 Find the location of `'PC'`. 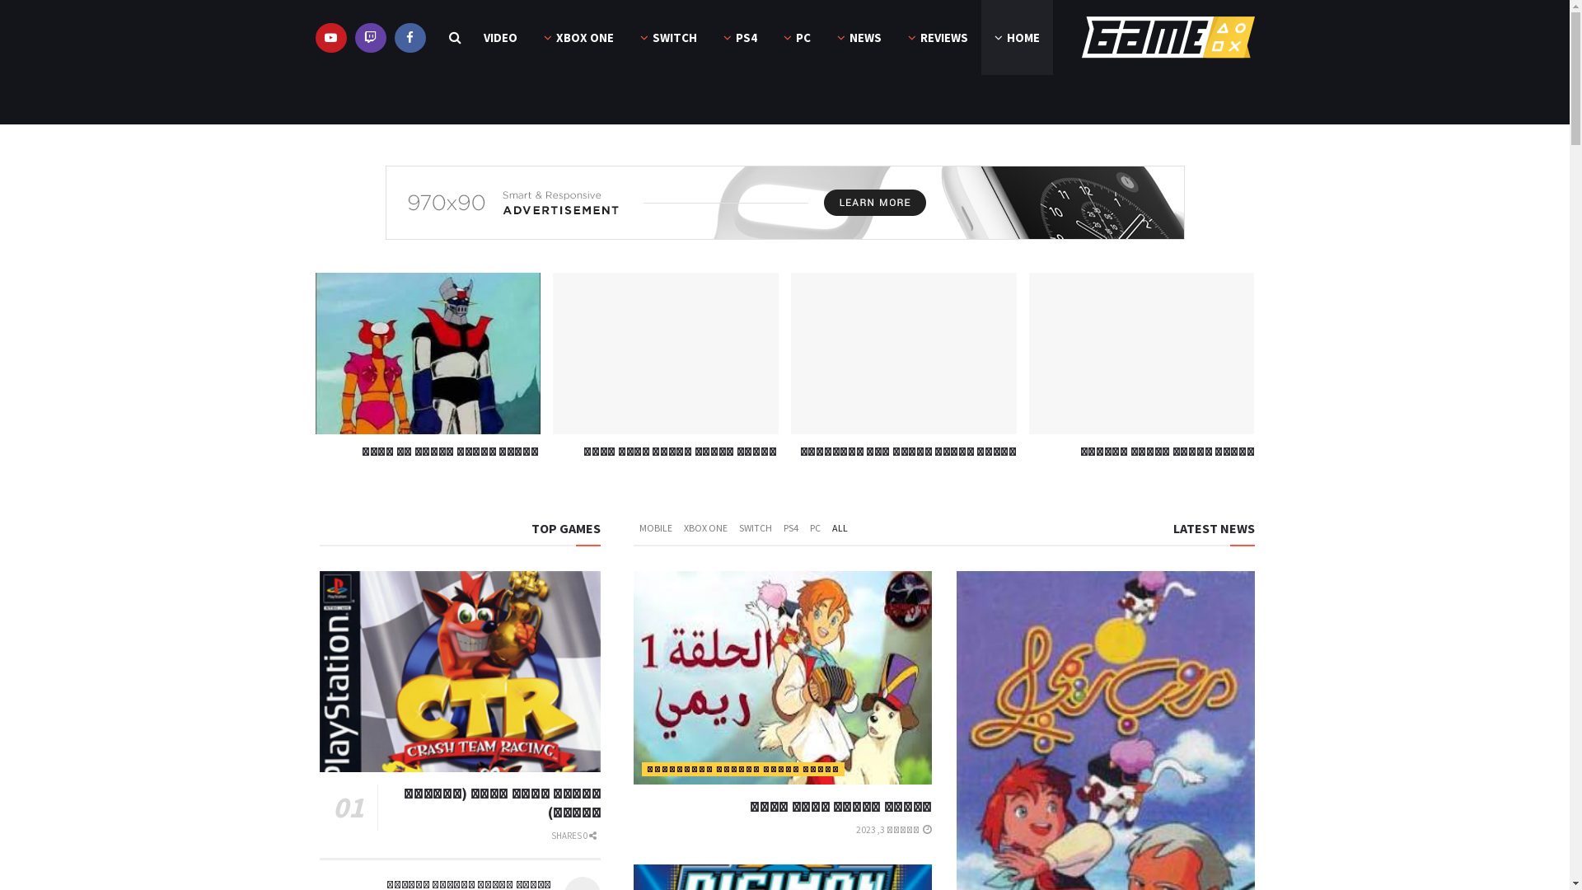

'PC' is located at coordinates (815, 527).